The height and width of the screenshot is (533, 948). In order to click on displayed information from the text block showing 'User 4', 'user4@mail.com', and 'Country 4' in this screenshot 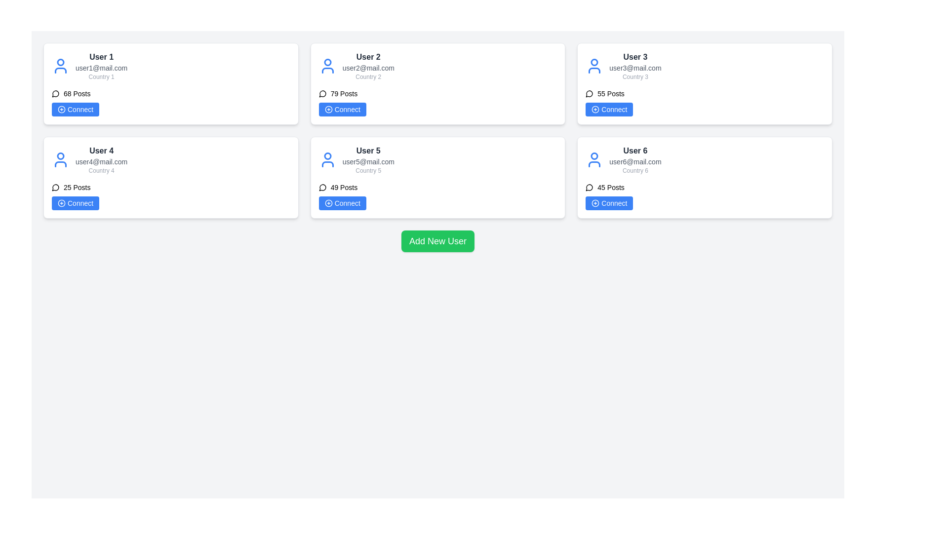, I will do `click(101, 159)`.